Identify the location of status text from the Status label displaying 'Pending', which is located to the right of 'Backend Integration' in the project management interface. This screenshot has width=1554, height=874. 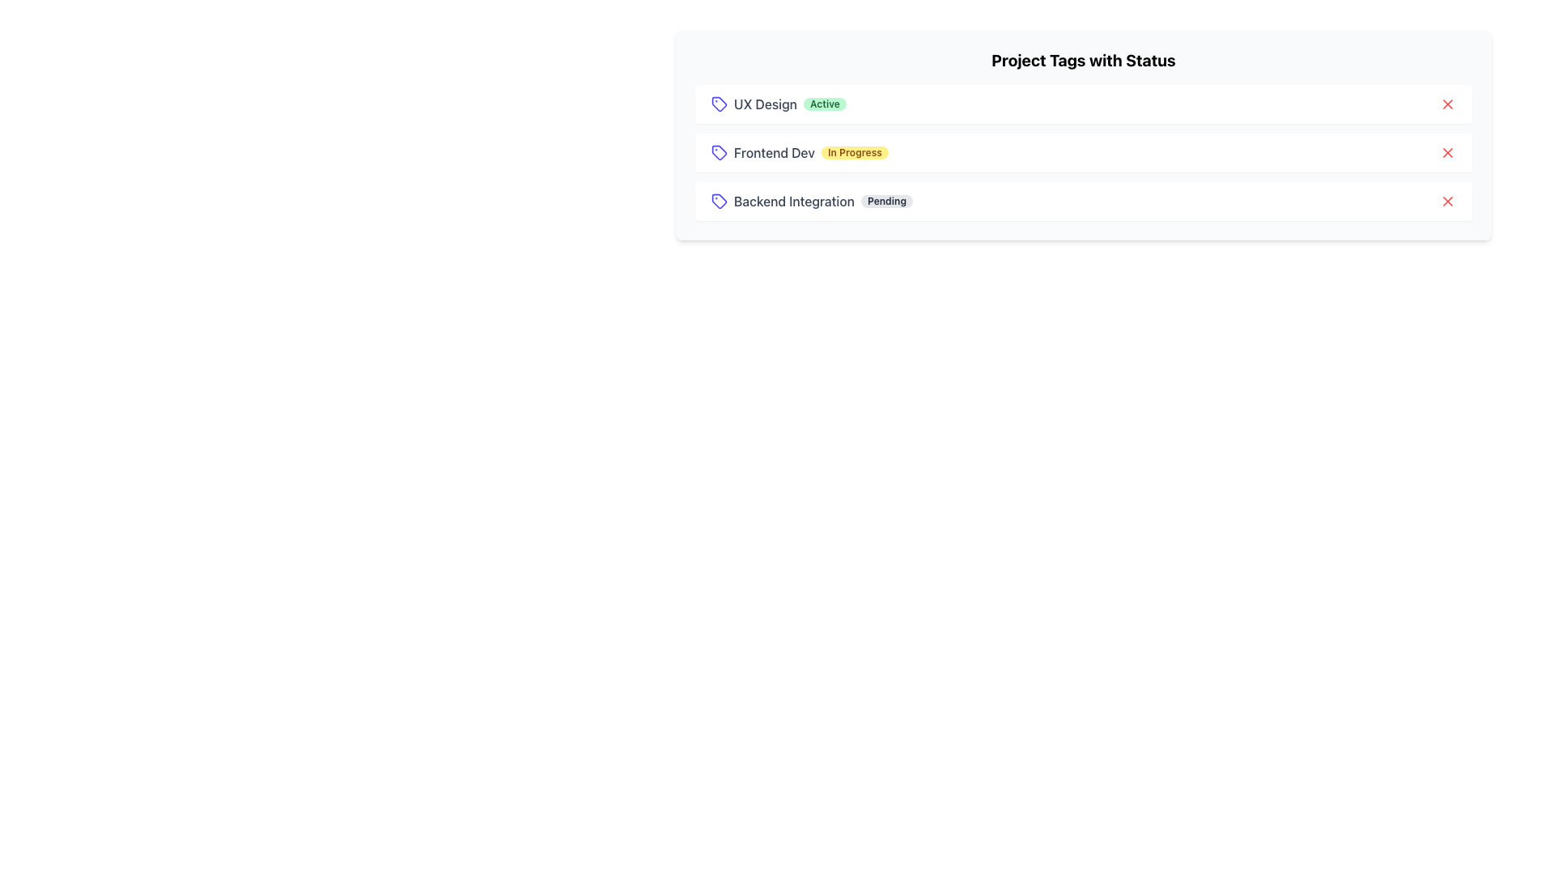
(885, 201).